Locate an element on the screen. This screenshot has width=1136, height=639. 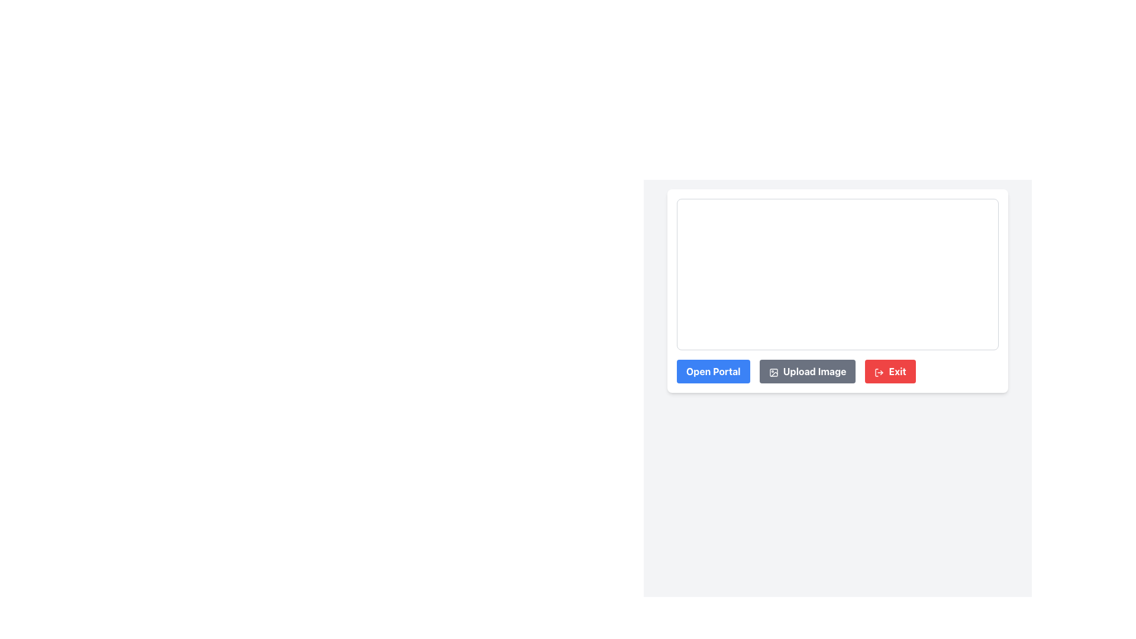
the exit button located at the bottom right of the section using keyboard navigation for accessibility is located at coordinates (890, 371).